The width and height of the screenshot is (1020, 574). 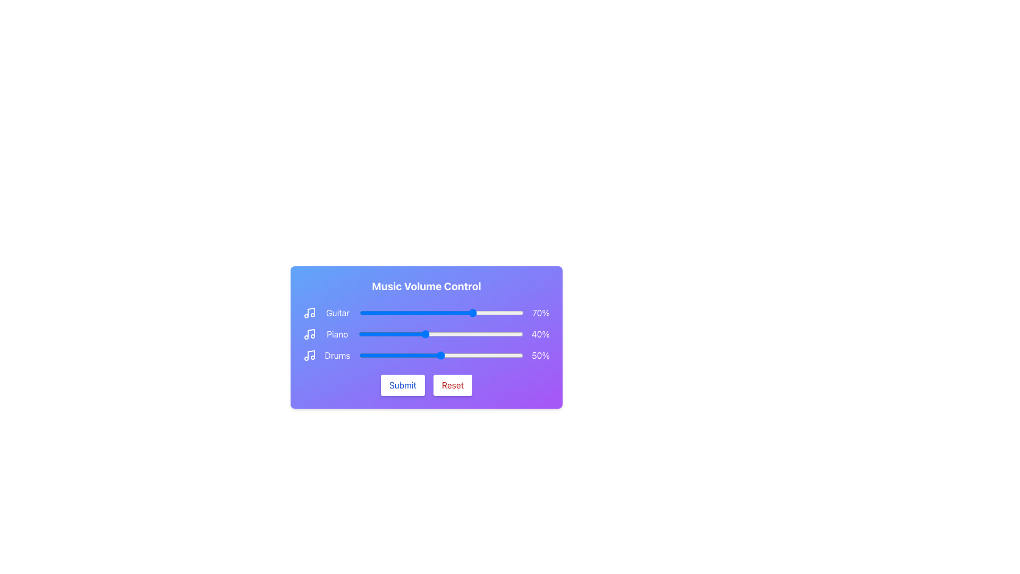 What do you see at coordinates (518, 355) in the screenshot?
I see `the drum volume` at bounding box center [518, 355].